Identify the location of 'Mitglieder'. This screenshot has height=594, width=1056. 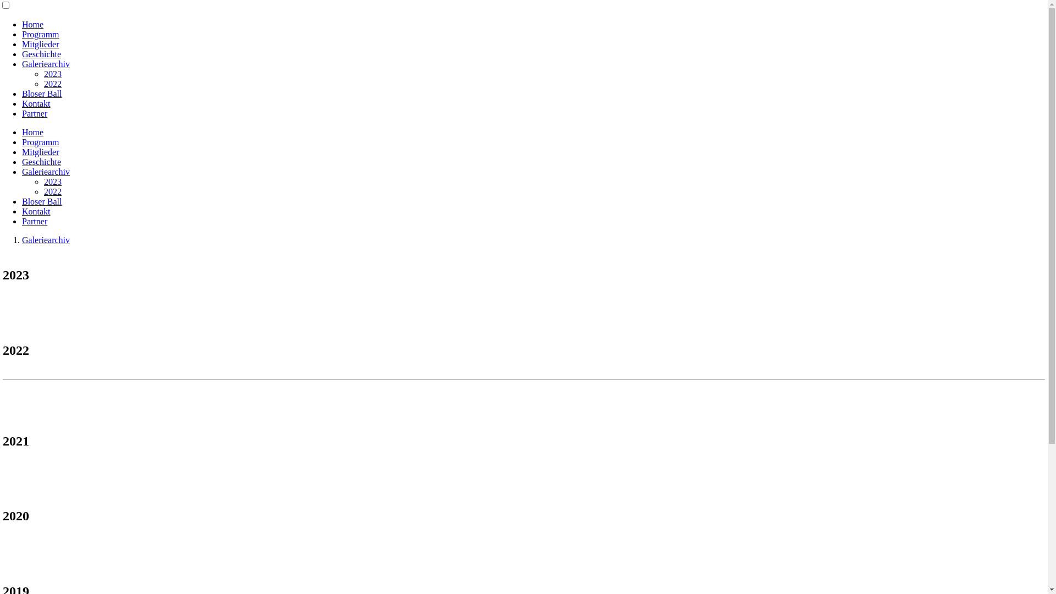
(40, 43).